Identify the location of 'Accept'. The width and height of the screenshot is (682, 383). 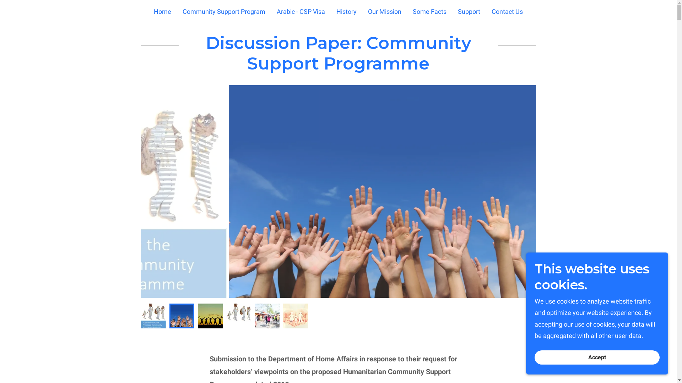
(597, 357).